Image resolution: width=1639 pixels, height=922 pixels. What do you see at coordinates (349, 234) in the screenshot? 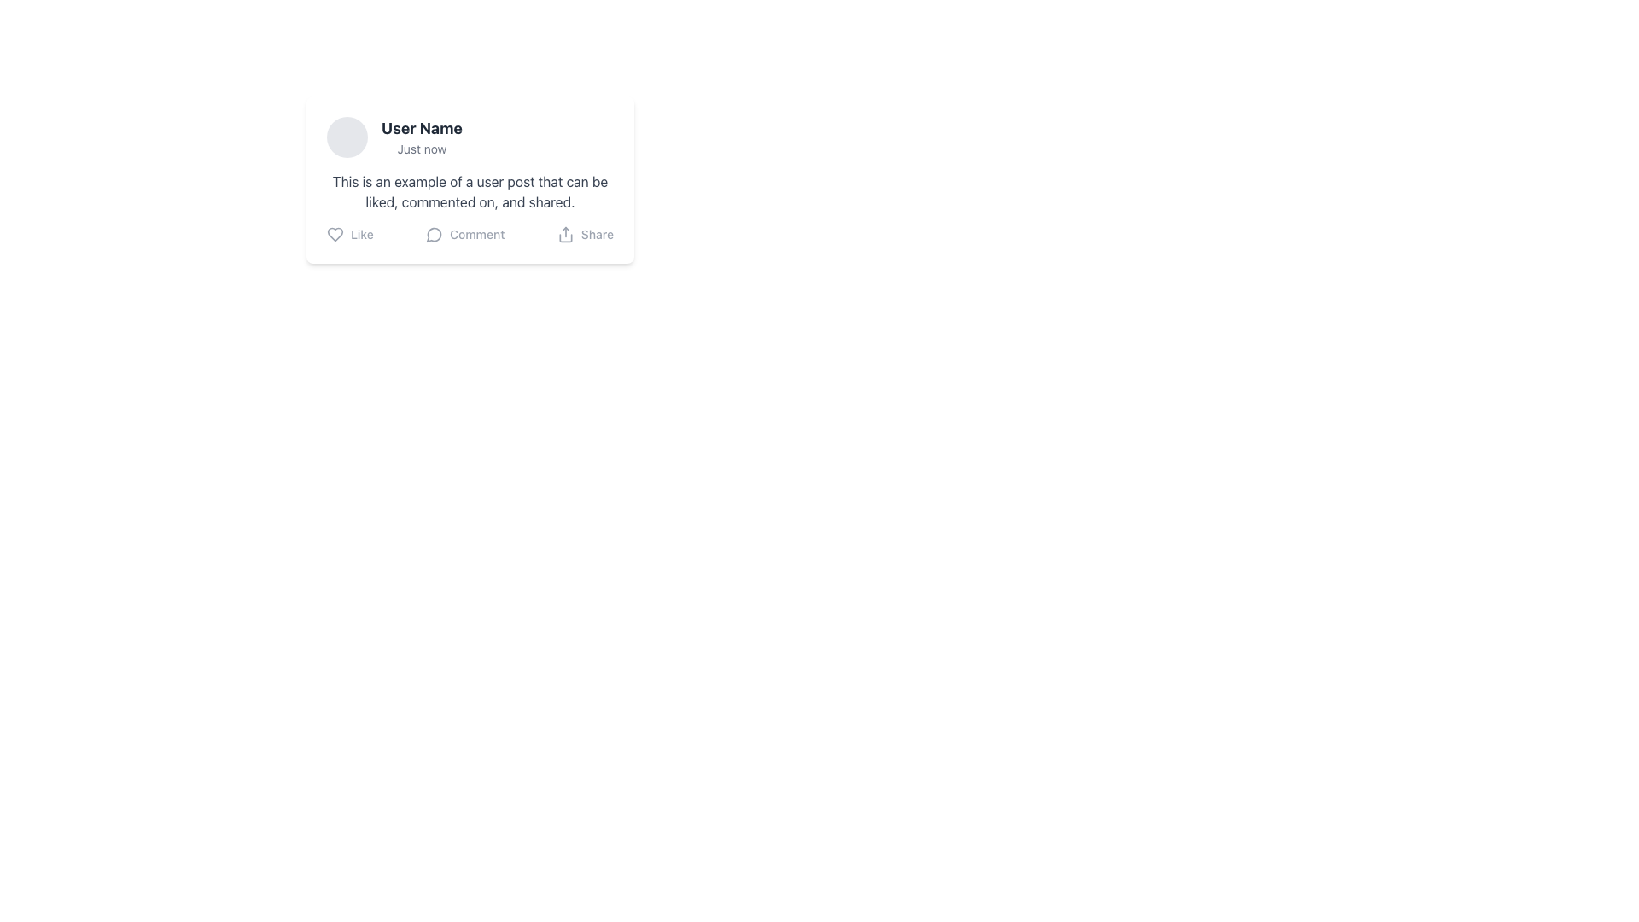
I see `the 'Like' button located at the first position in a horizontal row of buttons below the post content` at bounding box center [349, 234].